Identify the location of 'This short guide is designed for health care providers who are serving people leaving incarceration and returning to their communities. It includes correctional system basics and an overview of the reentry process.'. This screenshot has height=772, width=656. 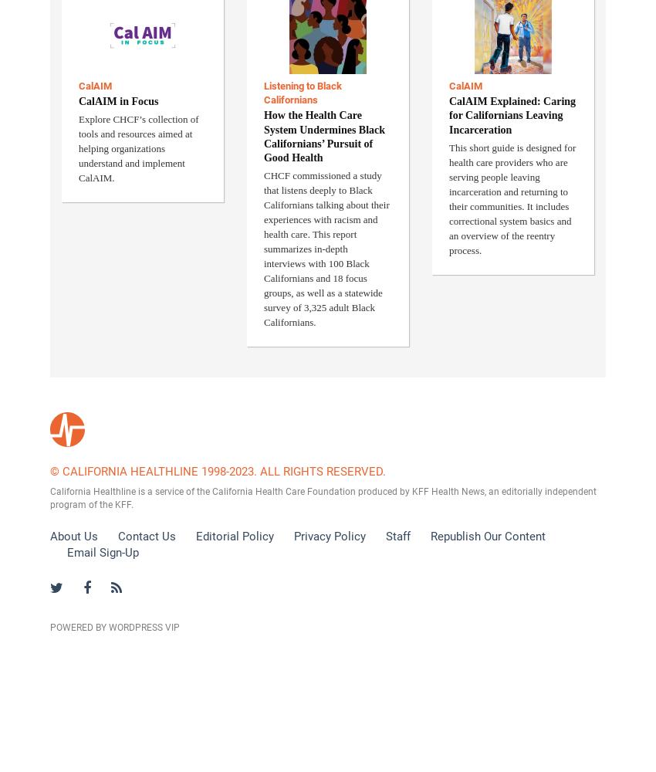
(512, 198).